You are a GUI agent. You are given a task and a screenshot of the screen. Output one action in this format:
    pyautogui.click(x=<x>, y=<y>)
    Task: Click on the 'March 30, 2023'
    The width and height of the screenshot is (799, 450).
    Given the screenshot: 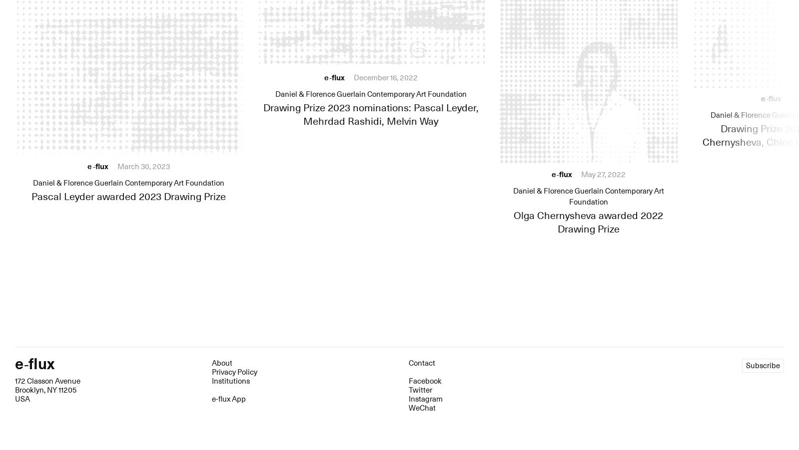 What is the action you would take?
    pyautogui.click(x=143, y=166)
    